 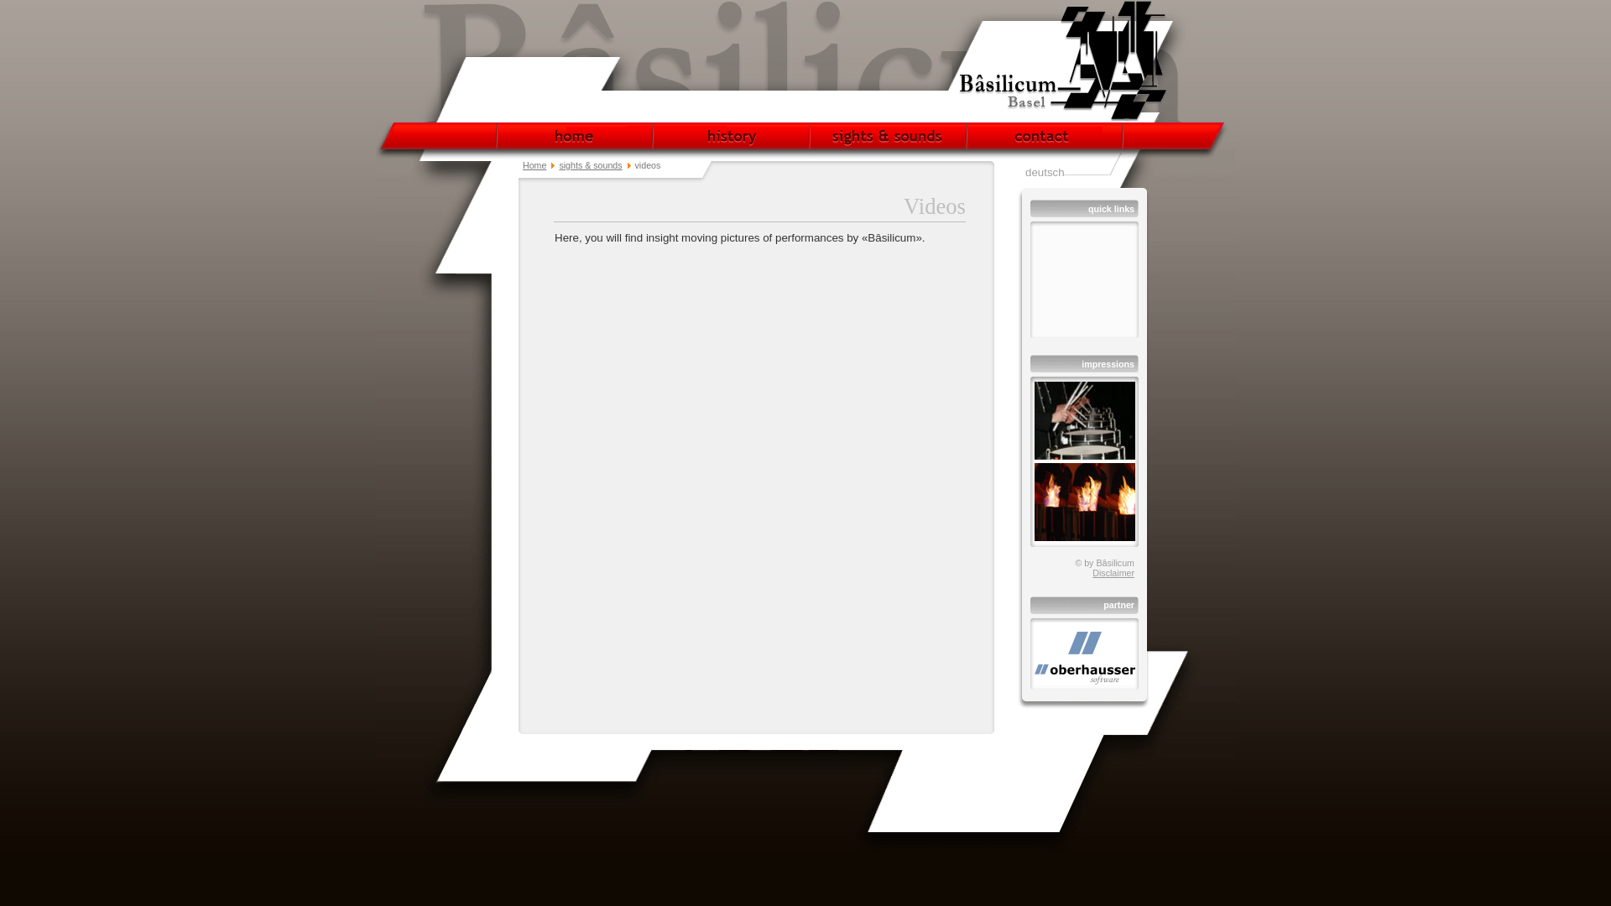 I want to click on 'sights & sounds', so click(x=559, y=164).